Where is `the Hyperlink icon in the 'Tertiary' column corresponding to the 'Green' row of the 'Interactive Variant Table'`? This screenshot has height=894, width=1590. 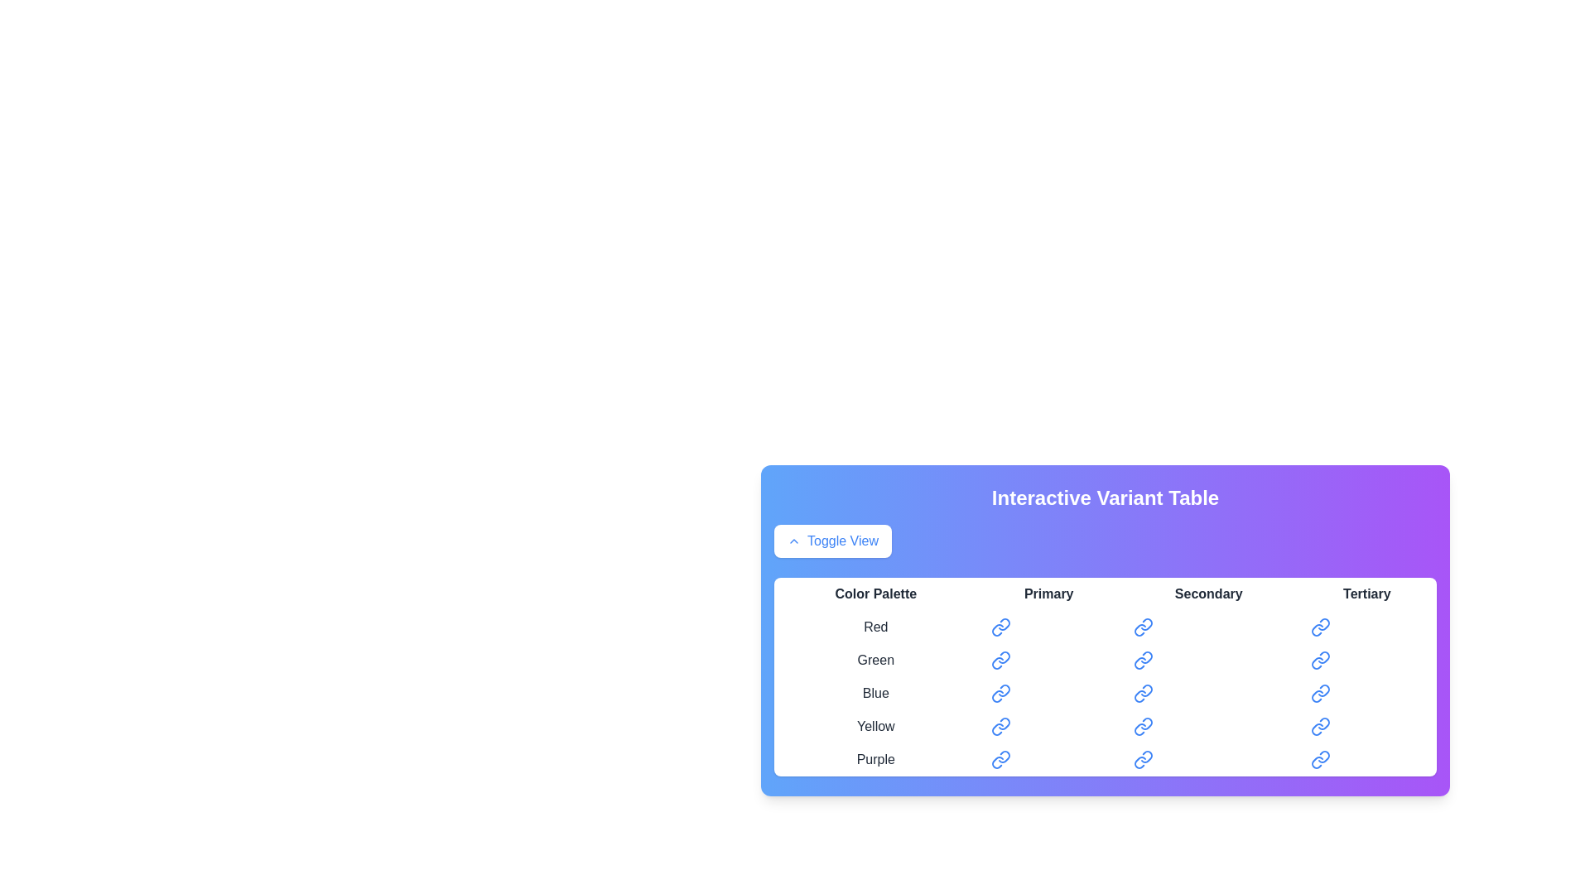 the Hyperlink icon in the 'Tertiary' column corresponding to the 'Green' row of the 'Interactive Variant Table' is located at coordinates (1319, 660).